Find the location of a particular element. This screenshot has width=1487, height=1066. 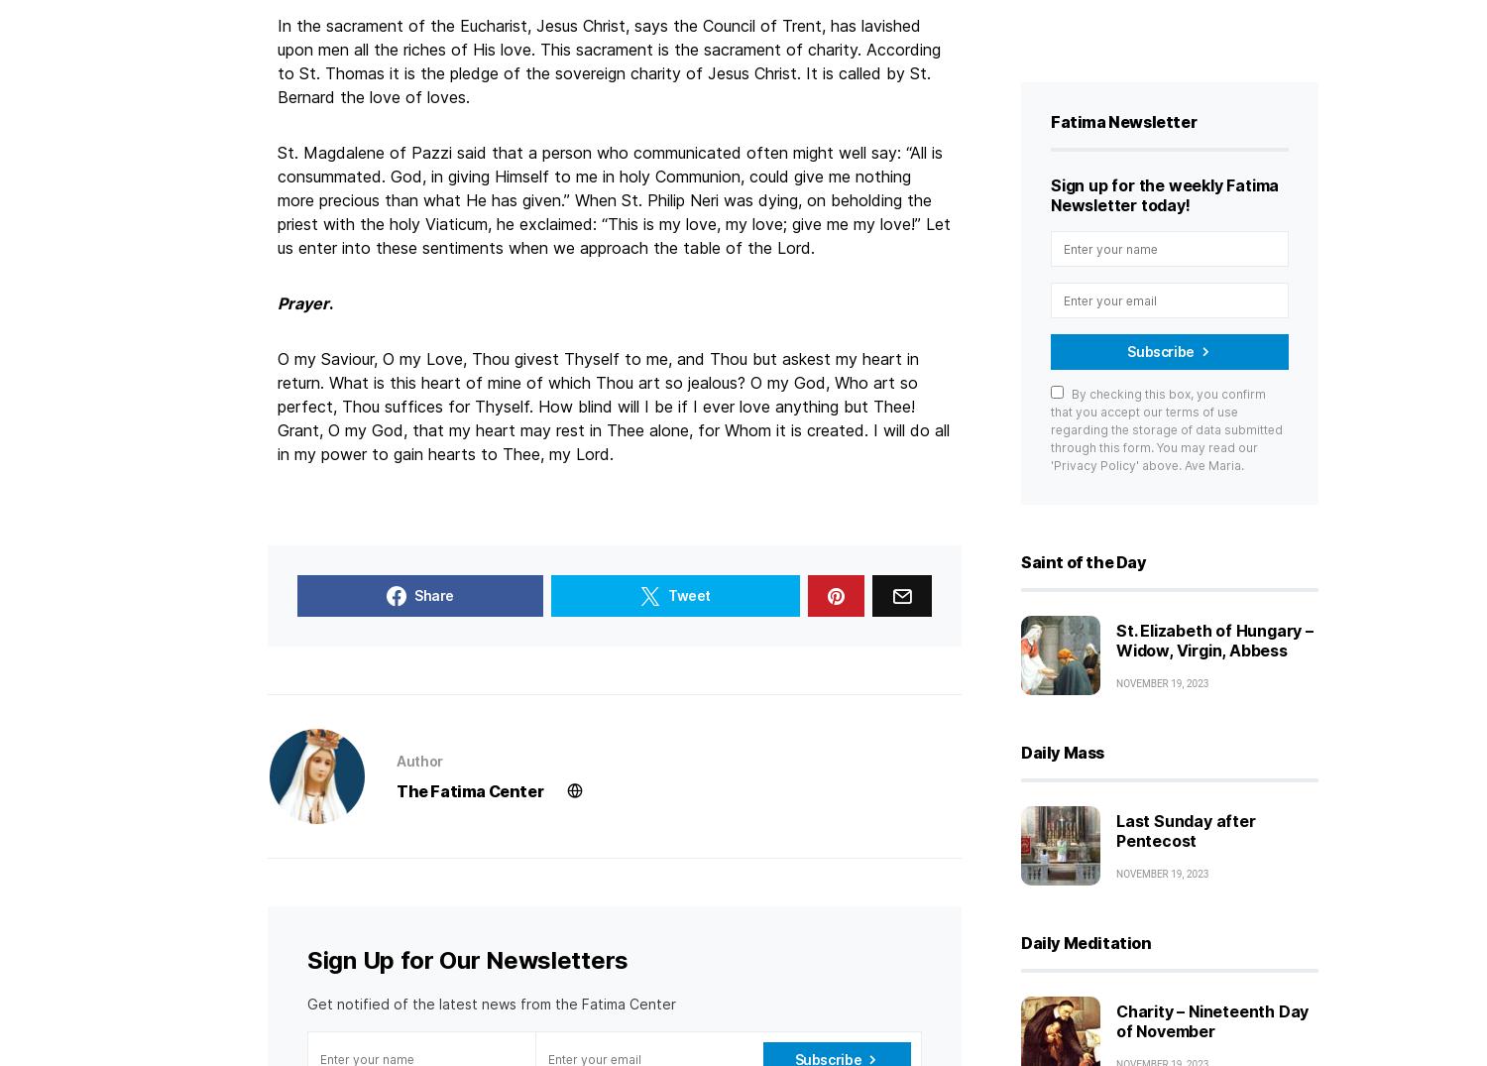

'Prayer' is located at coordinates (303, 302).